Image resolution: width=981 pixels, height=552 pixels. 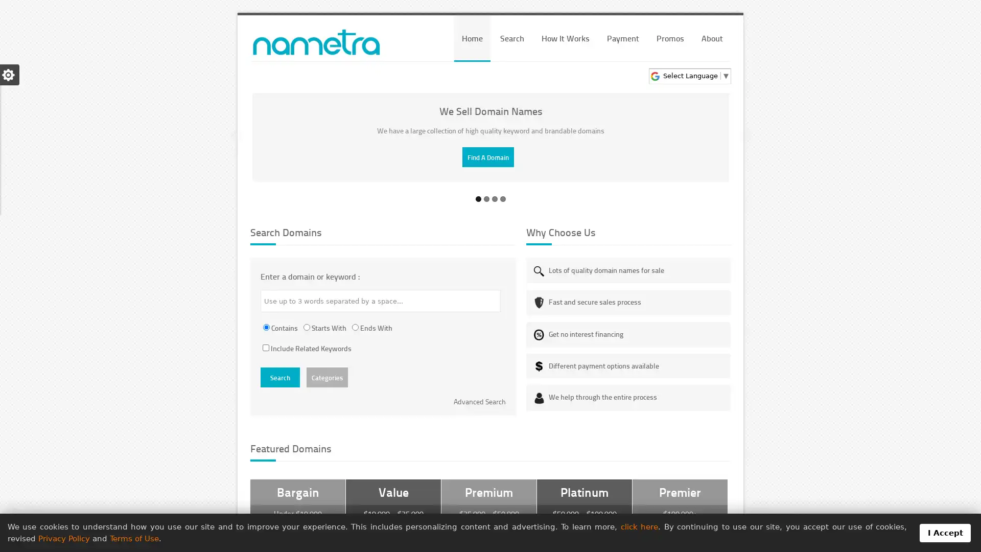 What do you see at coordinates (327, 377) in the screenshot?
I see `Categories` at bounding box center [327, 377].